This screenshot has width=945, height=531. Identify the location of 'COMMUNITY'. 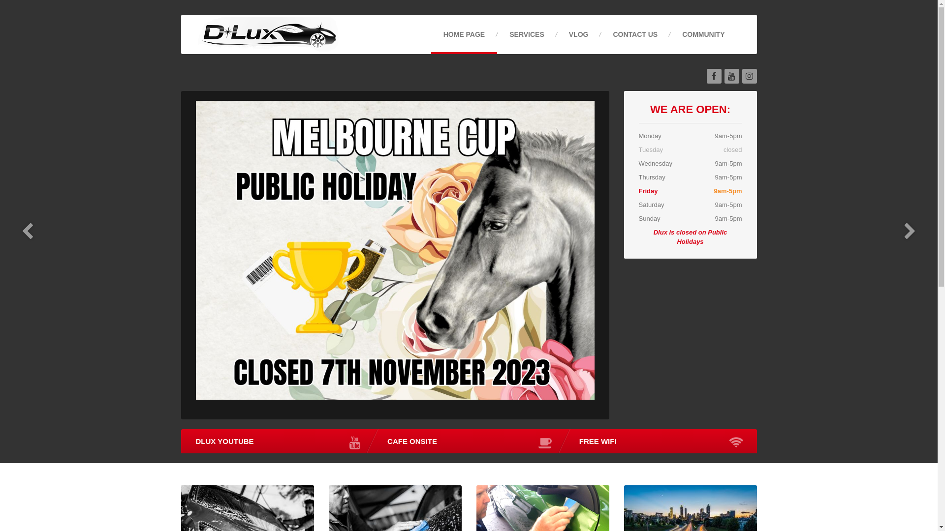
(703, 33).